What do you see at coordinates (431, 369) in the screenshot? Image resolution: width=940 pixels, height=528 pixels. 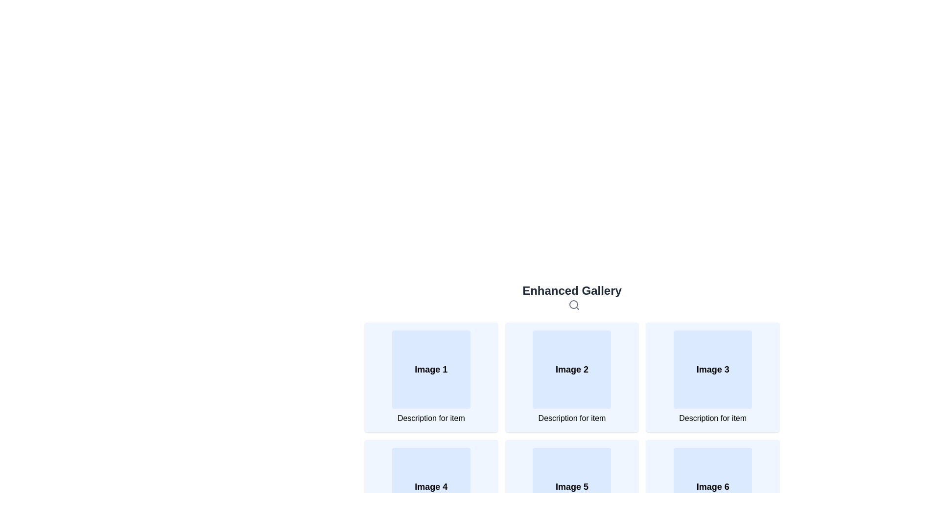 I see `text of the Text label located in the first card of the first row under the 'Enhanced Gallery' header` at bounding box center [431, 369].